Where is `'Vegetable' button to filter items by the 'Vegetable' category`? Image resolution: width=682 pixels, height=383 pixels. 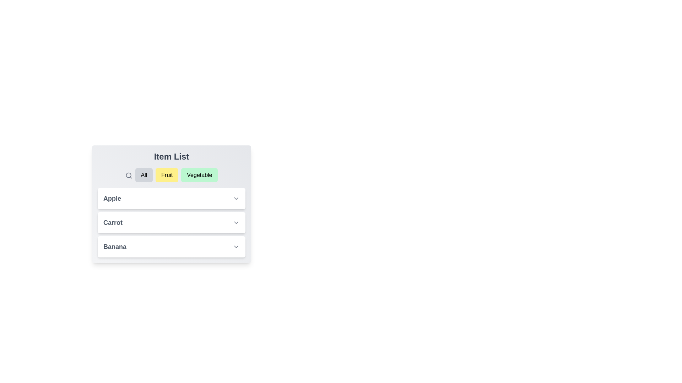 'Vegetable' button to filter items by the 'Vegetable' category is located at coordinates (199, 175).